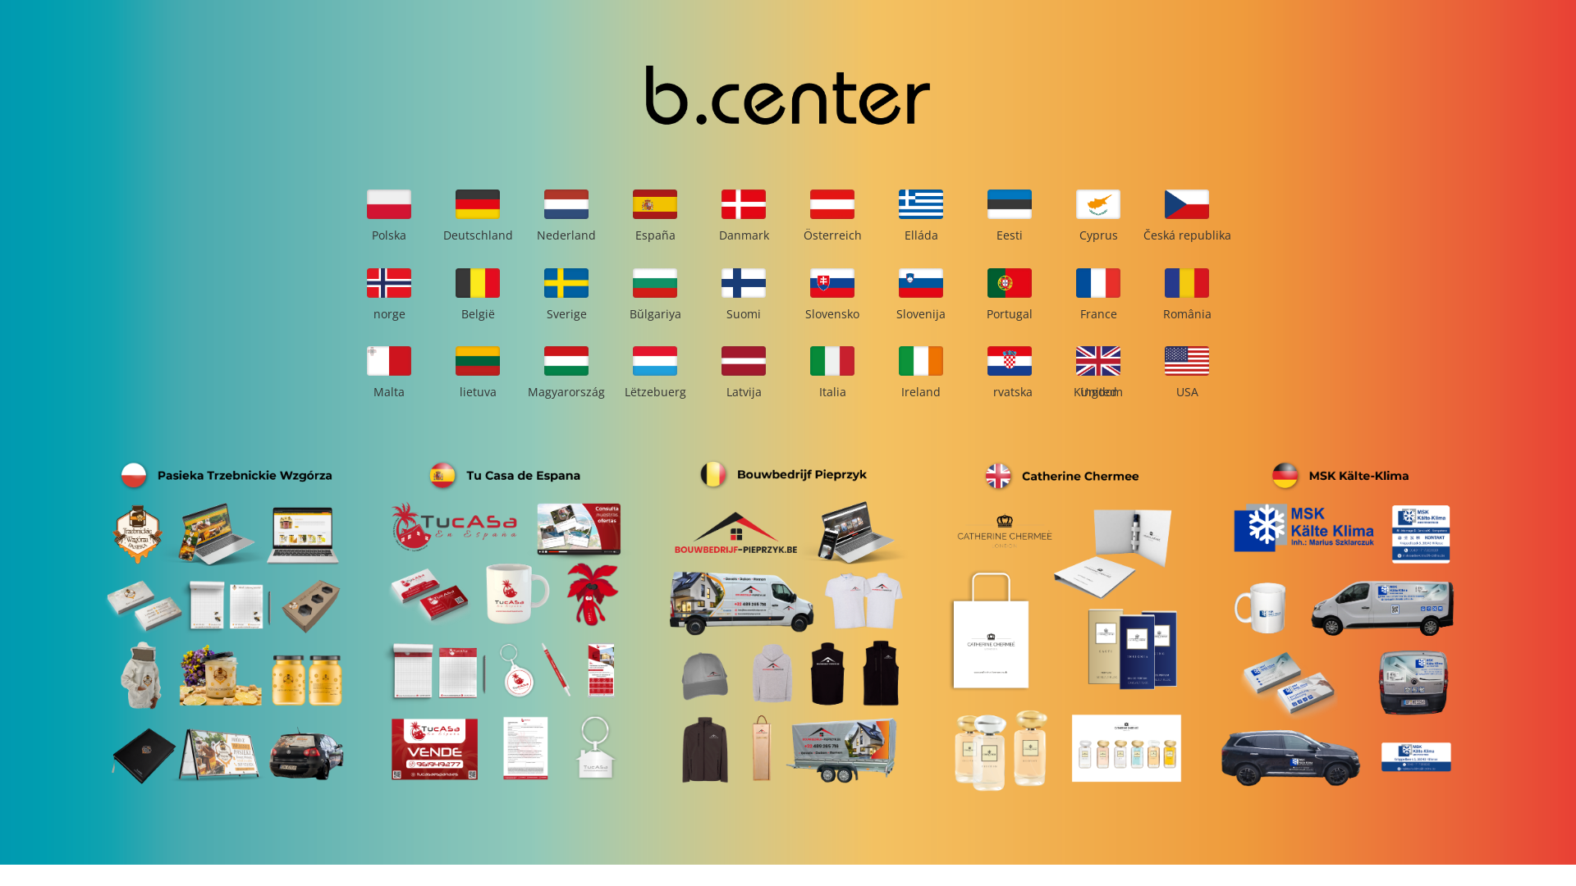  I want to click on 'Slovenija', so click(921, 313).